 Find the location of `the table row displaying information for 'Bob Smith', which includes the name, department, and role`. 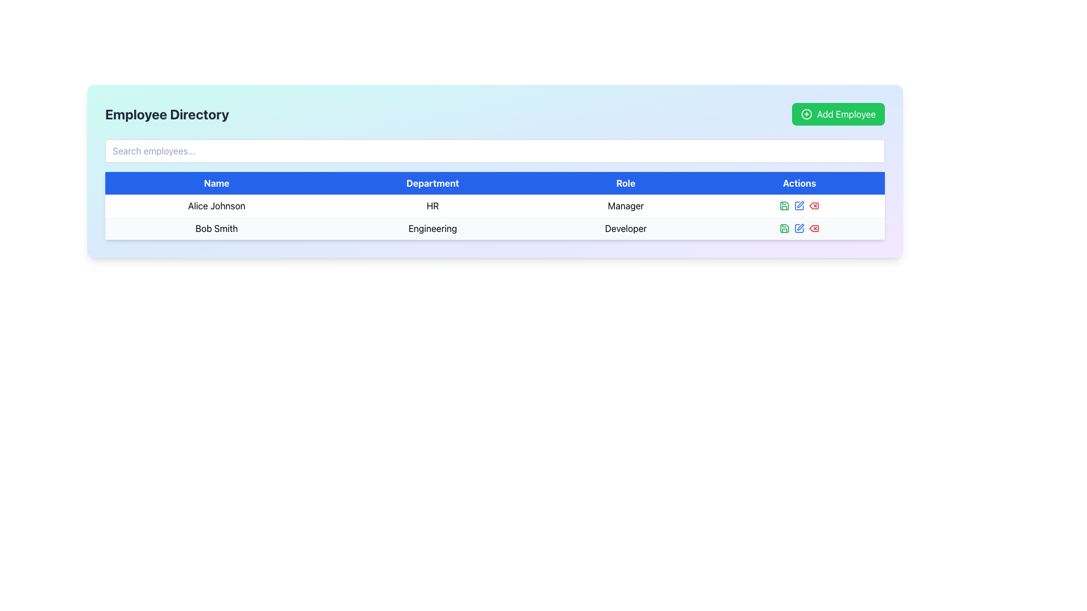

the table row displaying information for 'Bob Smith', which includes the name, department, and role is located at coordinates (495, 229).